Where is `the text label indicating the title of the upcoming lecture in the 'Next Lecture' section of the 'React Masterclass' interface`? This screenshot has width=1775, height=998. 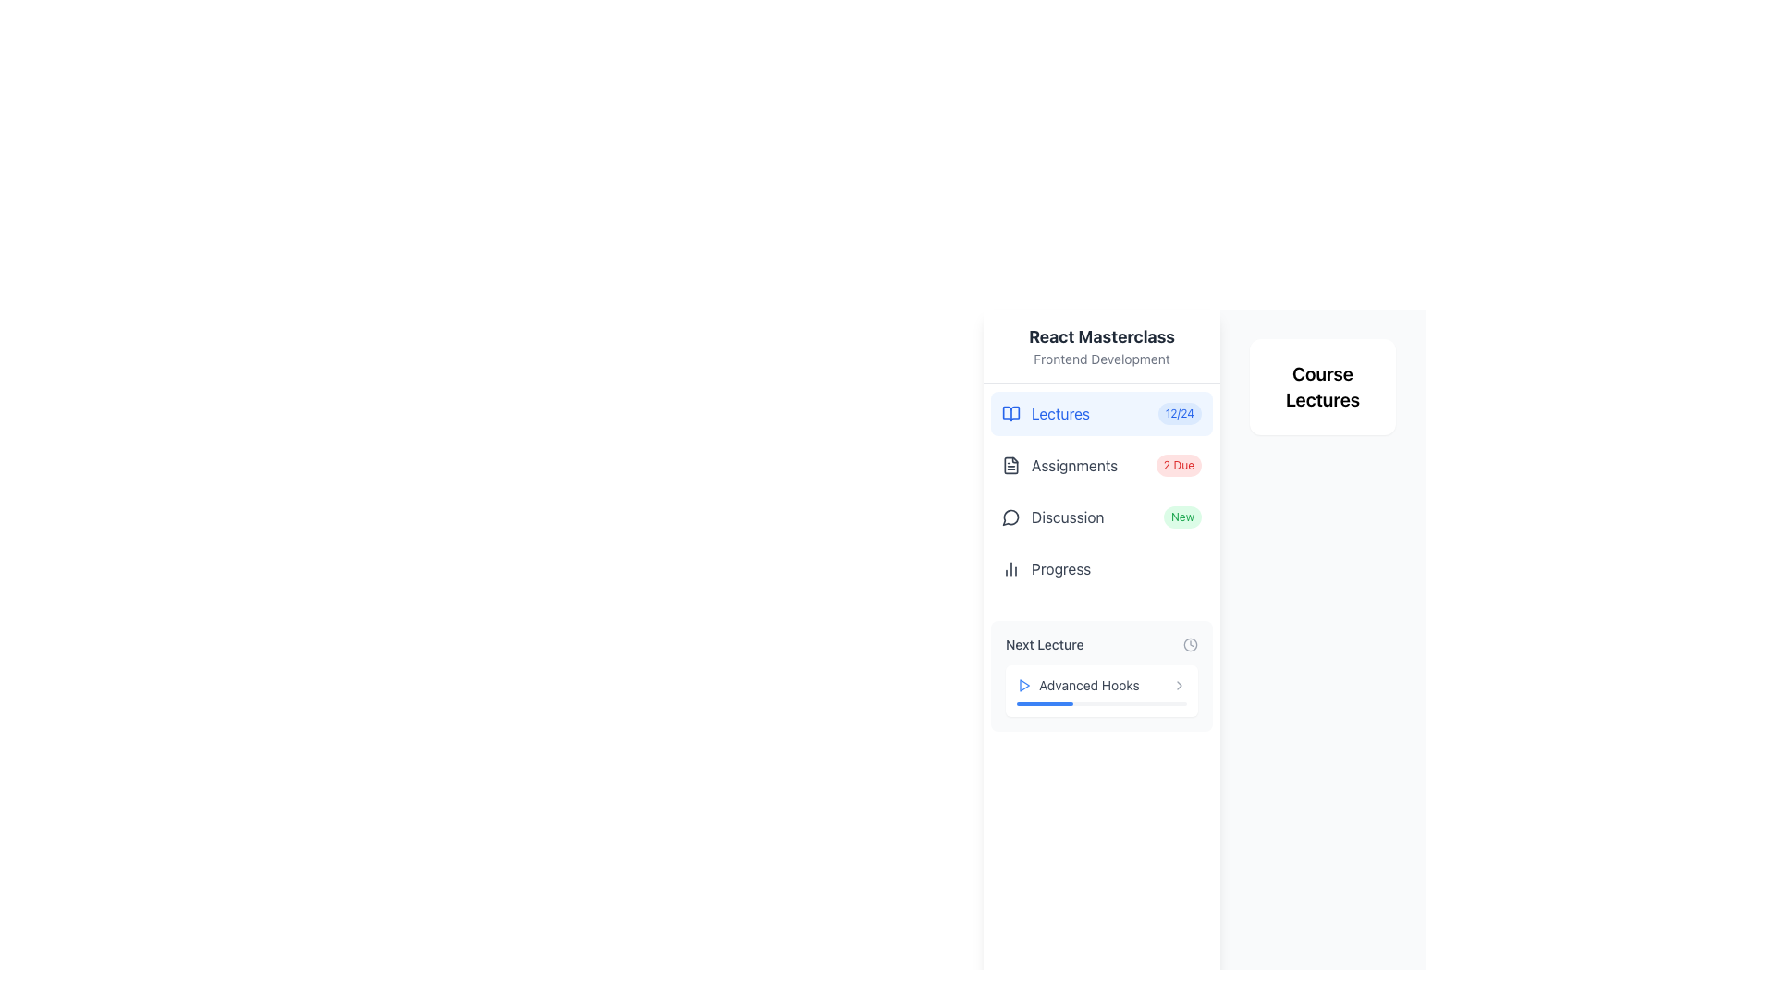
the text label indicating the title of the upcoming lecture in the 'Next Lecture' section of the 'React Masterclass' interface is located at coordinates (1101, 685).